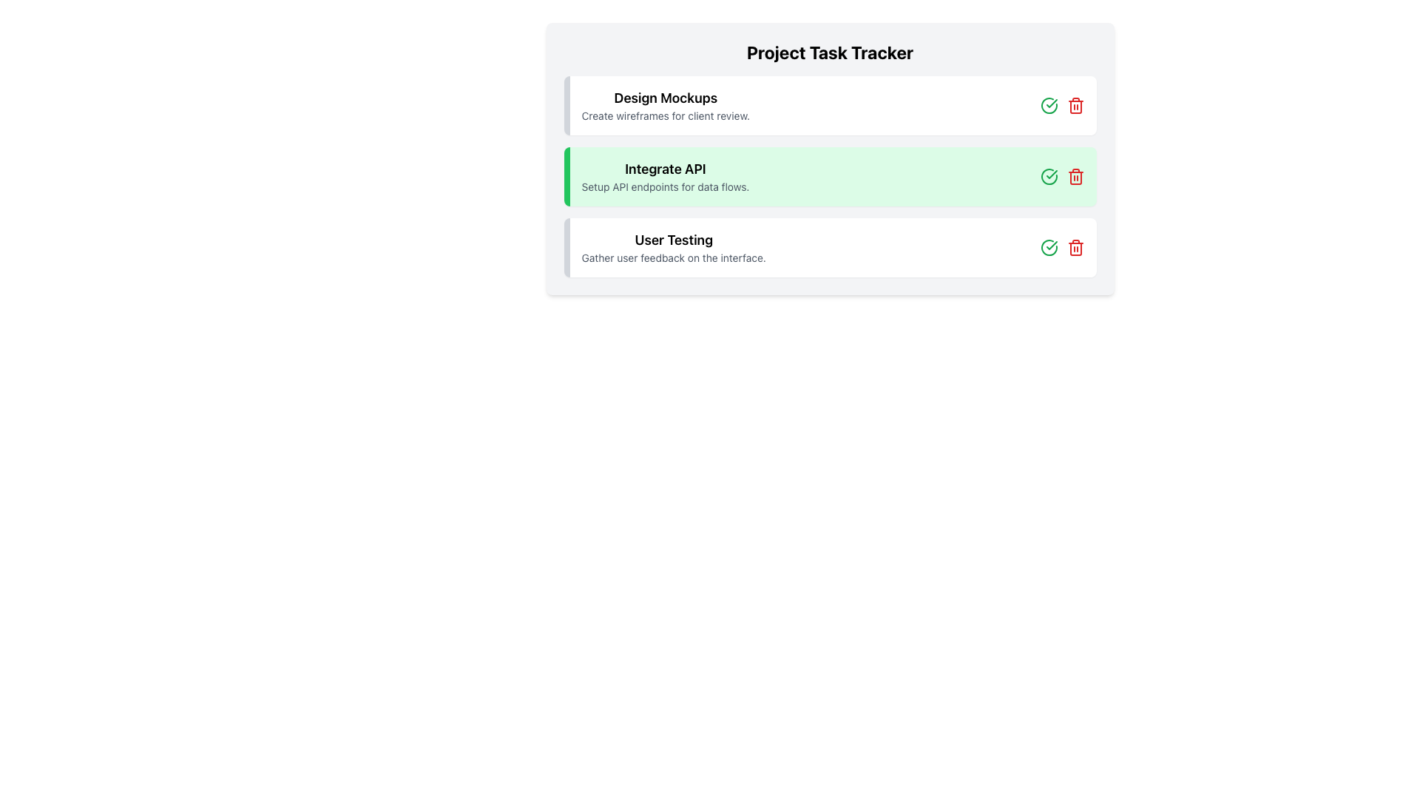  I want to click on the green circular icon with a checkmark symbol inside, located on the far right of the 'Design Mockups' task, so click(1048, 104).